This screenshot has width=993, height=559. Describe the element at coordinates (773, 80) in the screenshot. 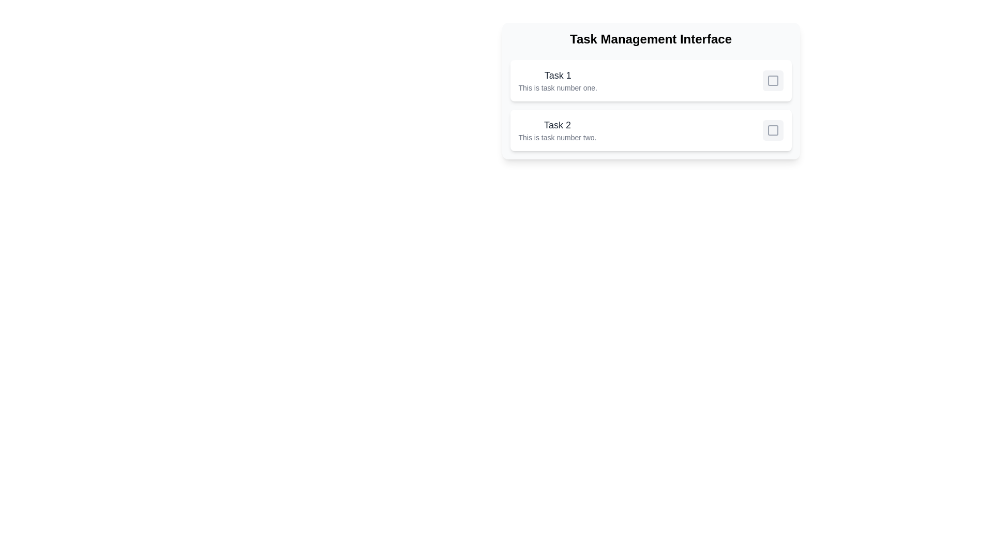

I see `the checkbox icon element located on the right side of the first task item to trigger a tooltip or visual effect` at that location.